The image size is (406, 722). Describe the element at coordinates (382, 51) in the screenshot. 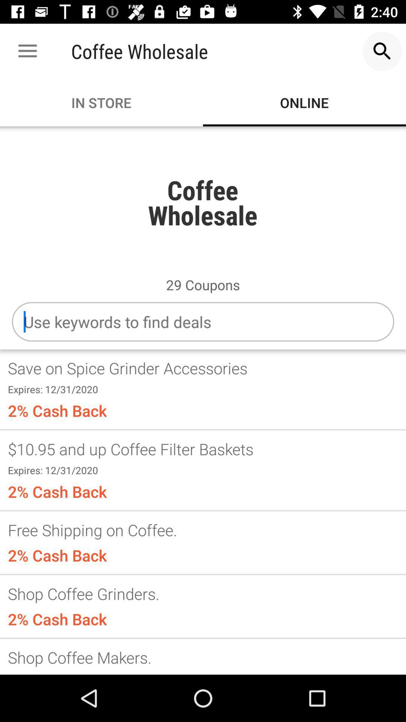

I see `the item to the right of coffee wholesale item` at that location.